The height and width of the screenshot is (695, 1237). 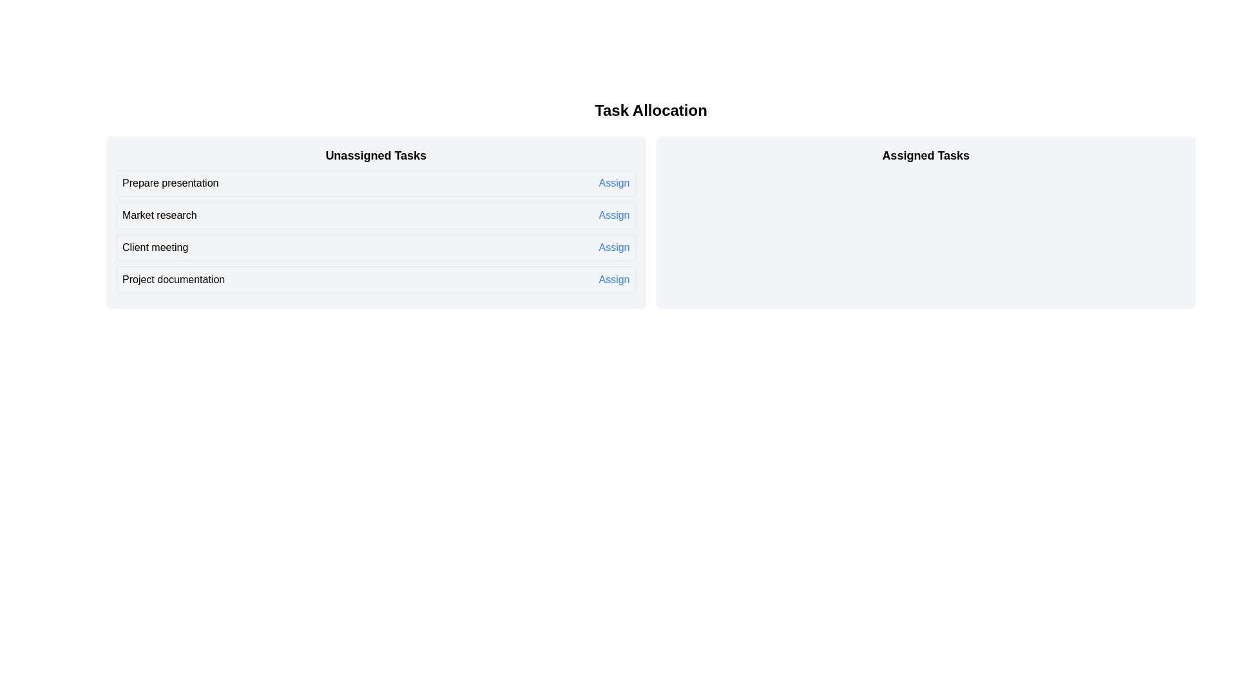 I want to click on the text label displaying 'Client meeting' in the 'Unassigned Tasks' section of the task management interface, so click(x=155, y=248).